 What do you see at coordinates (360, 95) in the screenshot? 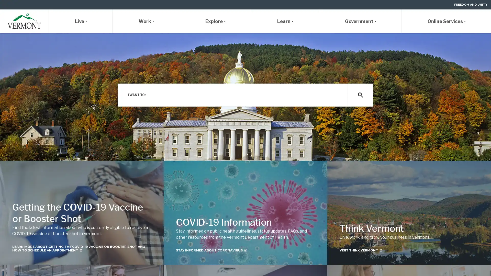
I see `search` at bounding box center [360, 95].